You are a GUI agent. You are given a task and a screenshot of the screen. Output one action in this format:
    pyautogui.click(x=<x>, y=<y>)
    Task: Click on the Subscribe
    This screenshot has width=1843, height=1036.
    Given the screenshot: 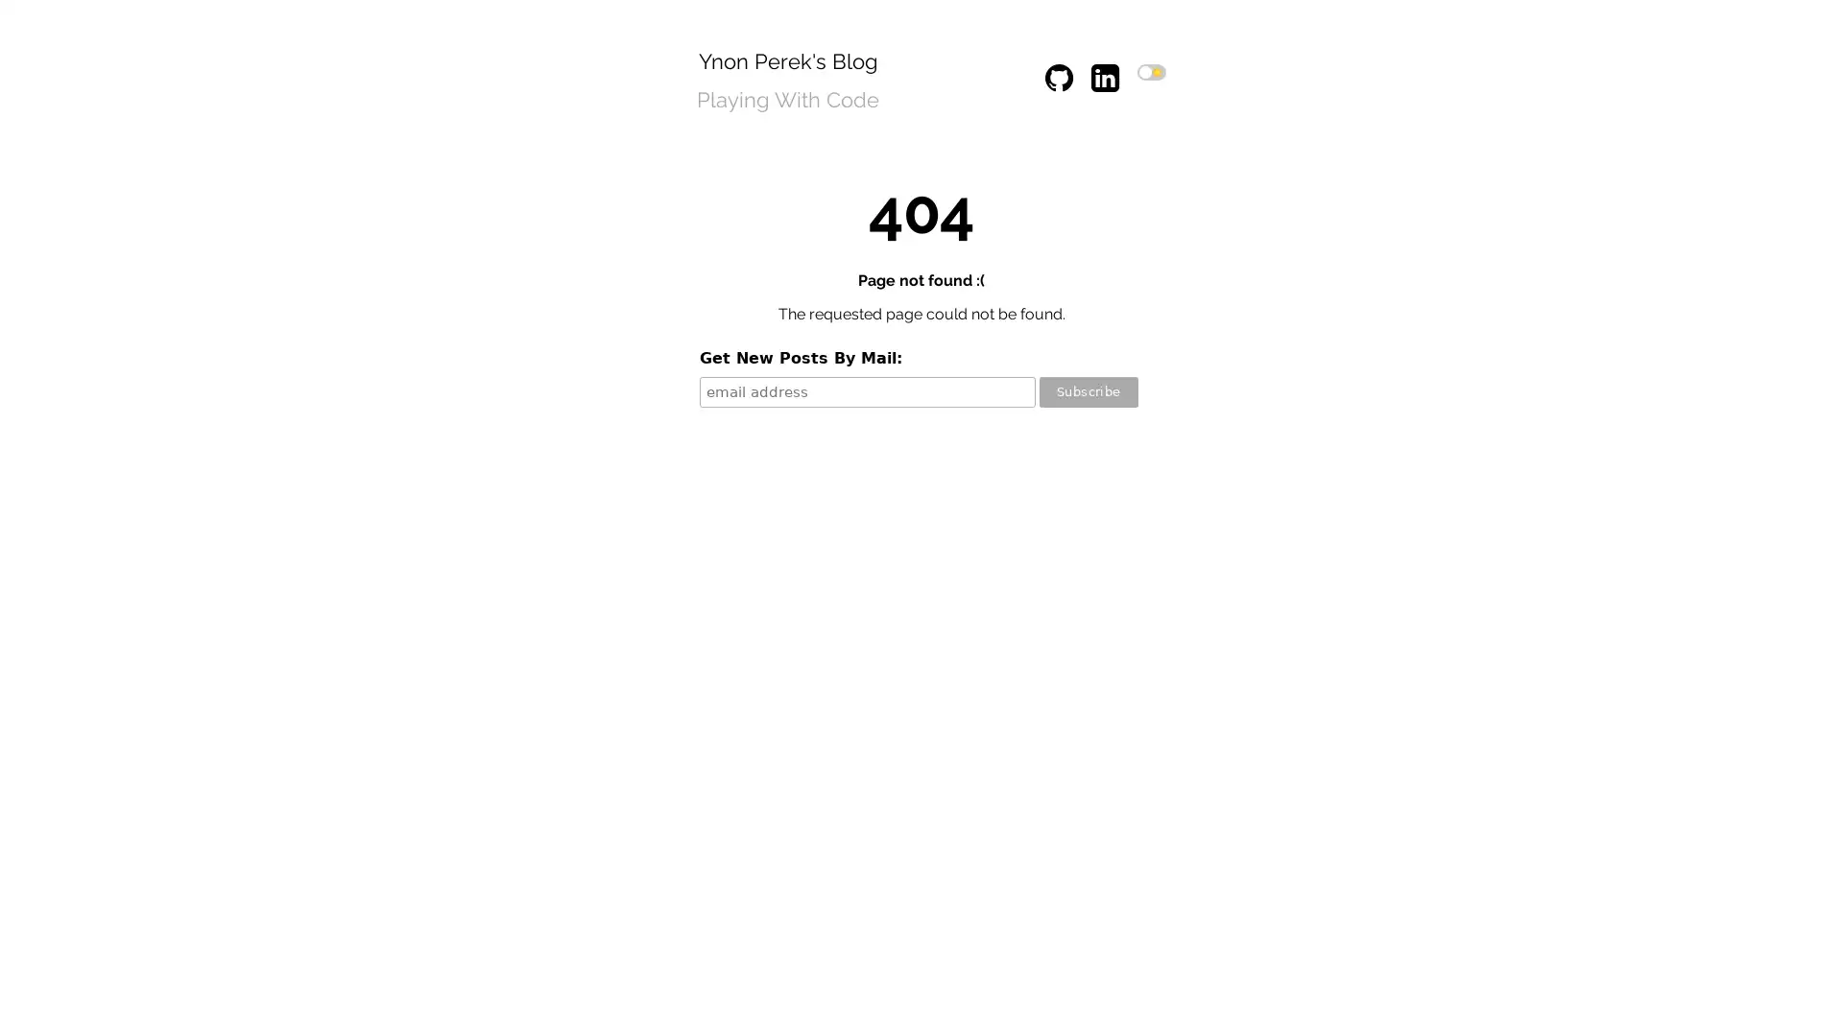 What is the action you would take?
    pyautogui.click(x=1088, y=390)
    